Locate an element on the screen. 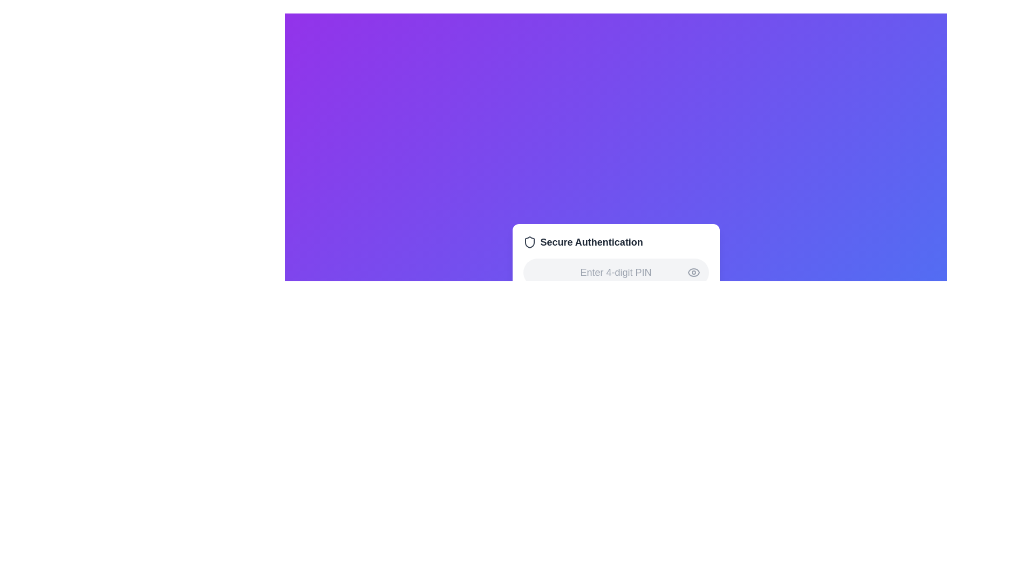  the eye icon element used for visibility or preview features in the PIN entry field under the 'Secure Authentication' label is located at coordinates (693, 272).